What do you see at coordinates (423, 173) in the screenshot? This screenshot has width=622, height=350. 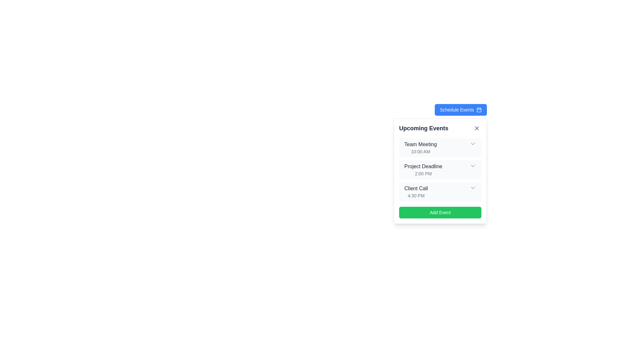 I see `the text element that displays the scheduled time for the 'Project Deadline' event, located in the second section of the 'Upcoming Events' list, directly beneath the heading 'Project Deadline'` at bounding box center [423, 173].